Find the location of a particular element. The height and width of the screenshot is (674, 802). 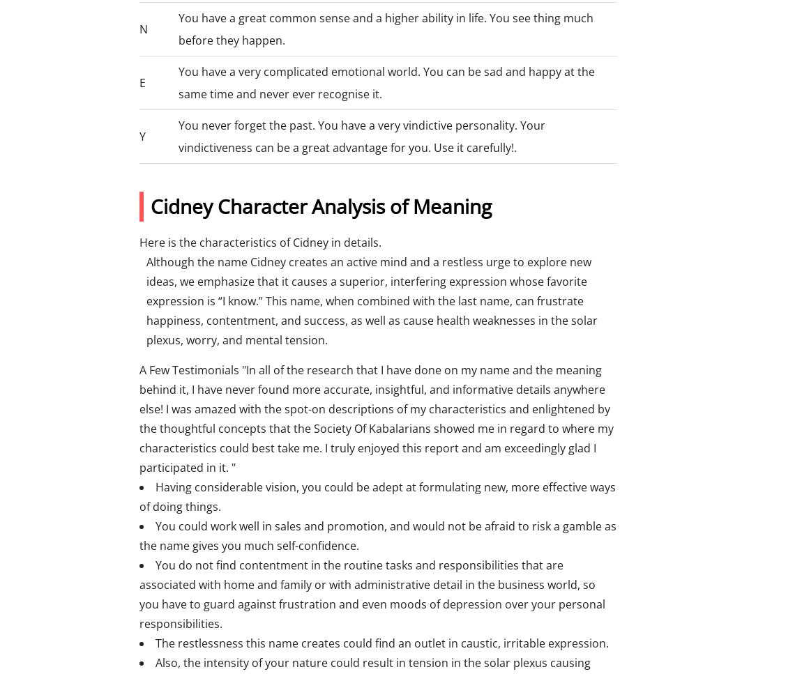

'Y' is located at coordinates (142, 135).